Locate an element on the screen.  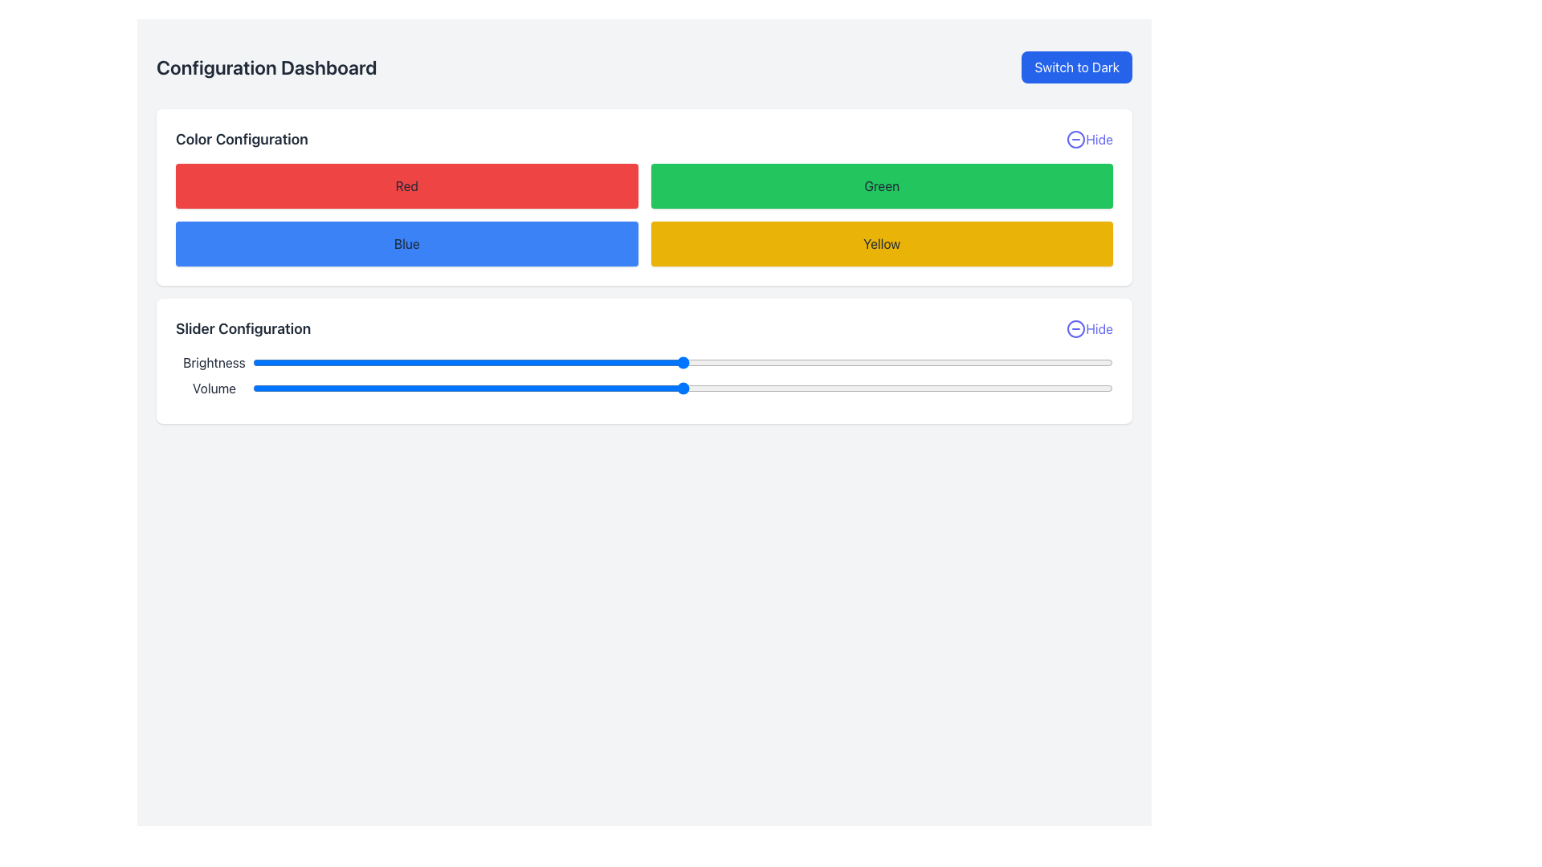
the brightness level is located at coordinates (691, 362).